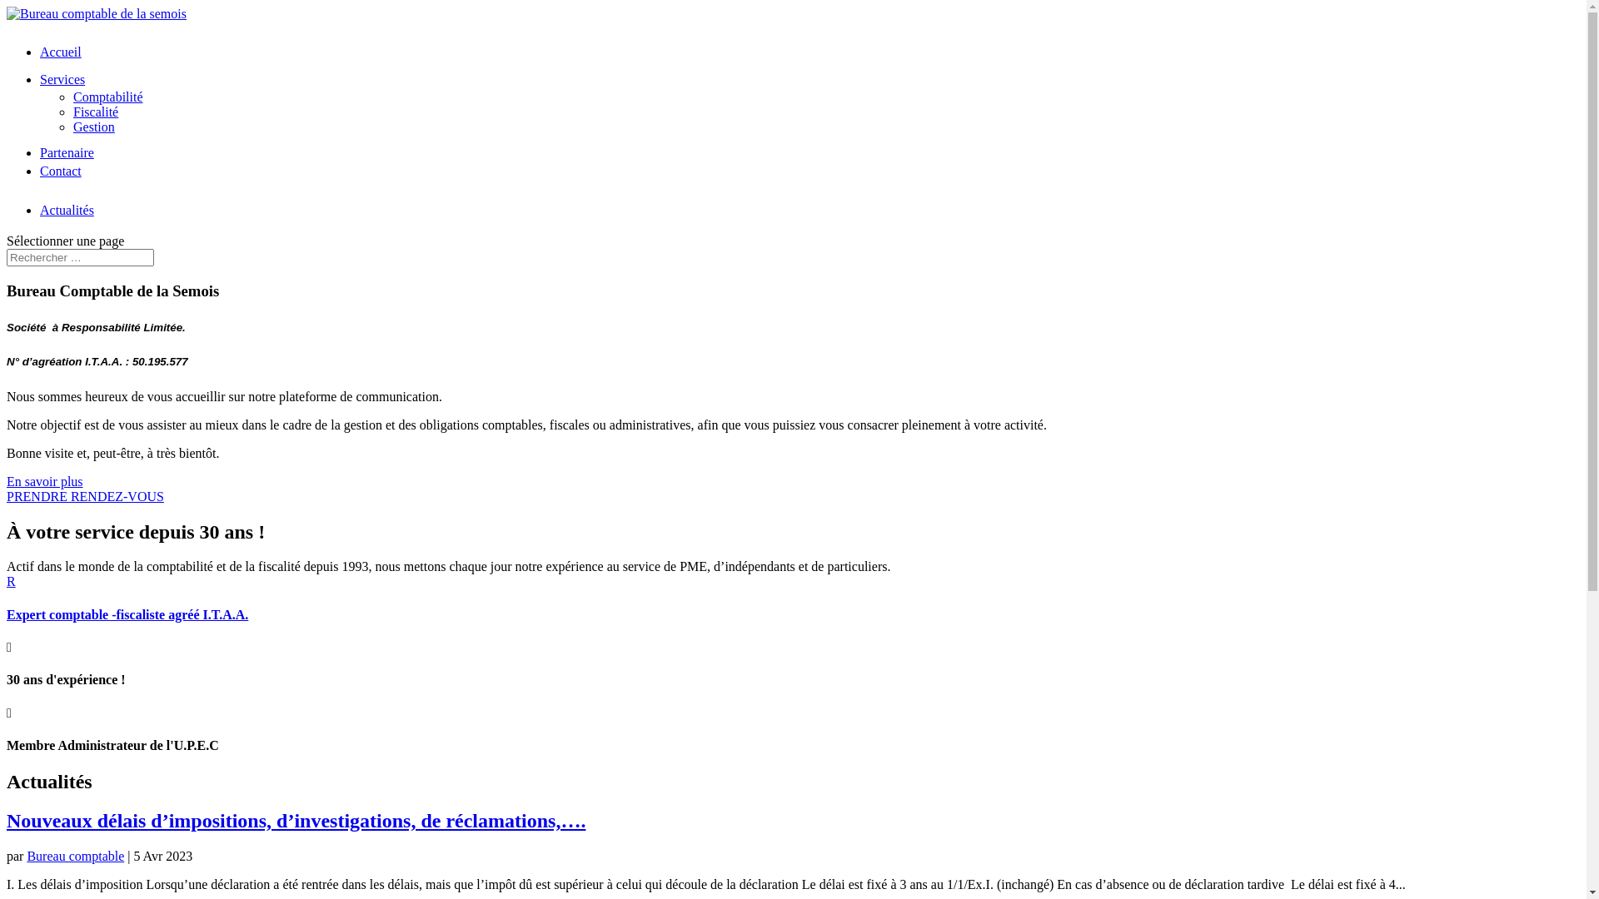 This screenshot has height=899, width=1599. I want to click on 'Accueil', so click(60, 51).